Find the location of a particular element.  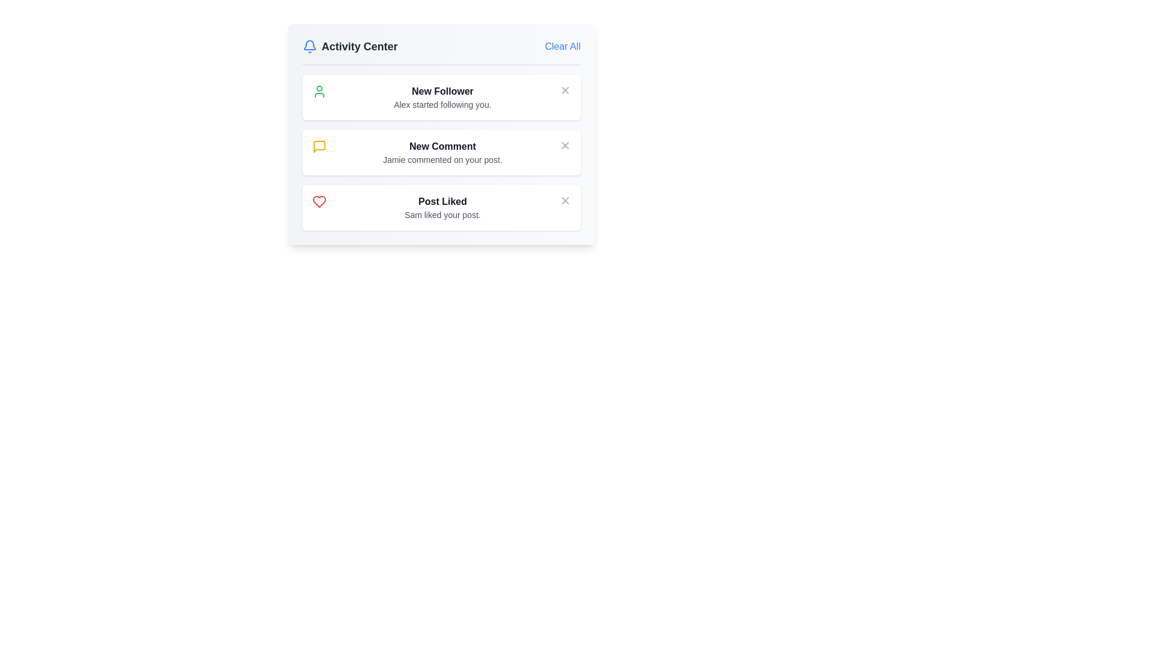

the 'New Comment' notification icon located on the left side of the second entry in the activity list is located at coordinates (319, 146).